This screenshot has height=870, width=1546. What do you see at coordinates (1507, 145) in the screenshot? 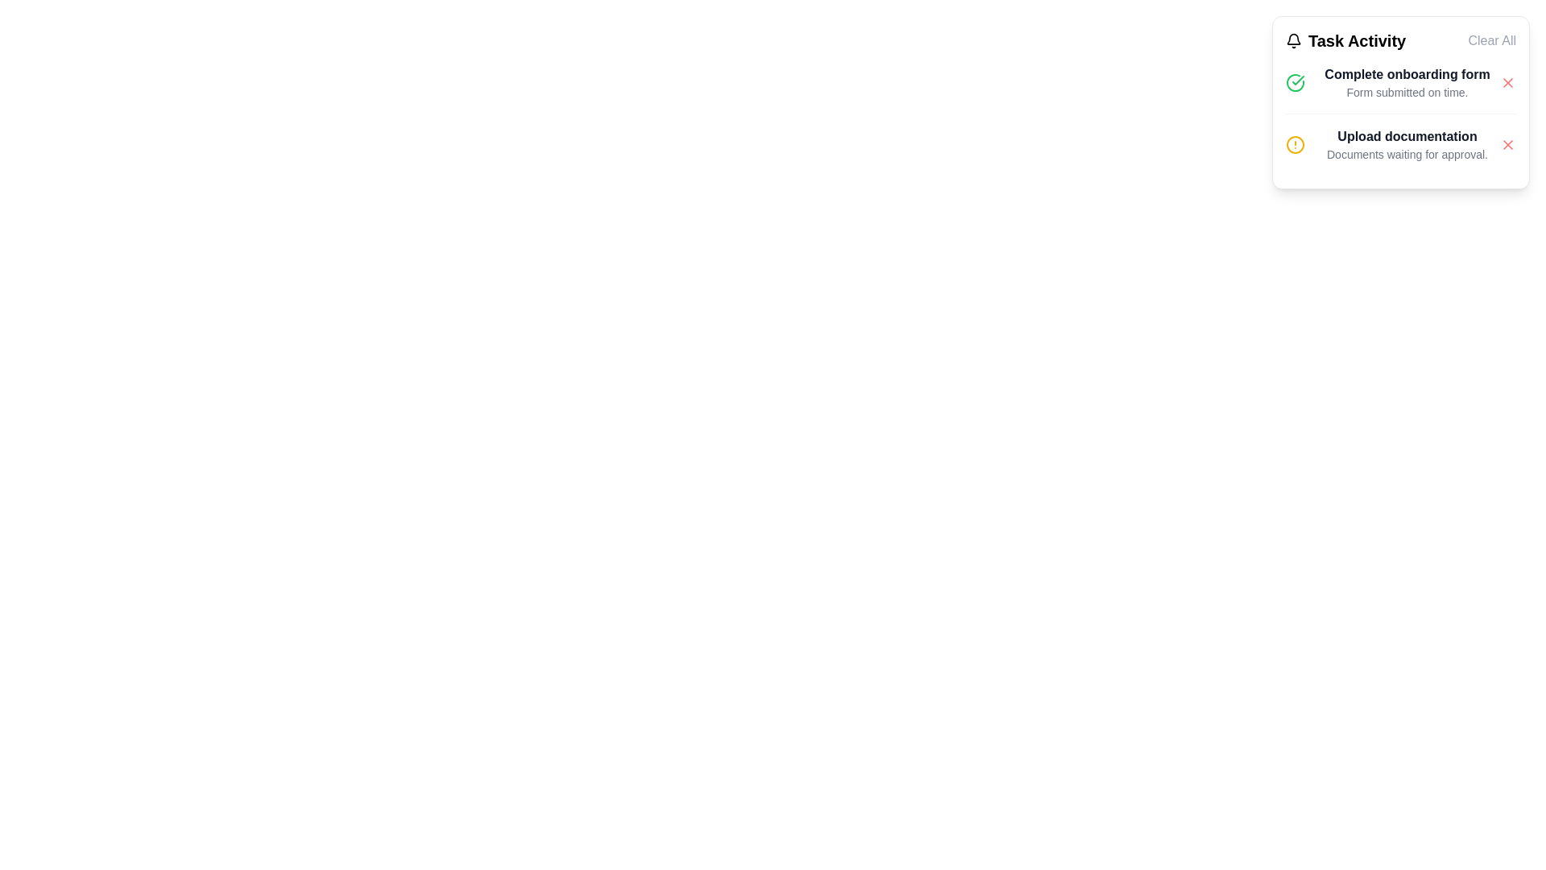
I see `the red cross-shaped close button adjacent to the 'Upload documentation' notification` at bounding box center [1507, 145].